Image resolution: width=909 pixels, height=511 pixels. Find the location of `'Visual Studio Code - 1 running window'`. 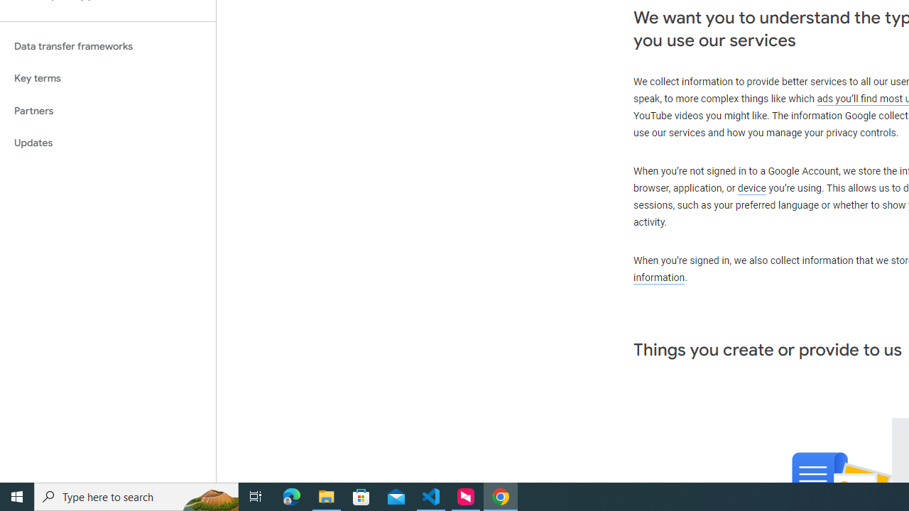

'Visual Studio Code - 1 running window' is located at coordinates (430, 495).